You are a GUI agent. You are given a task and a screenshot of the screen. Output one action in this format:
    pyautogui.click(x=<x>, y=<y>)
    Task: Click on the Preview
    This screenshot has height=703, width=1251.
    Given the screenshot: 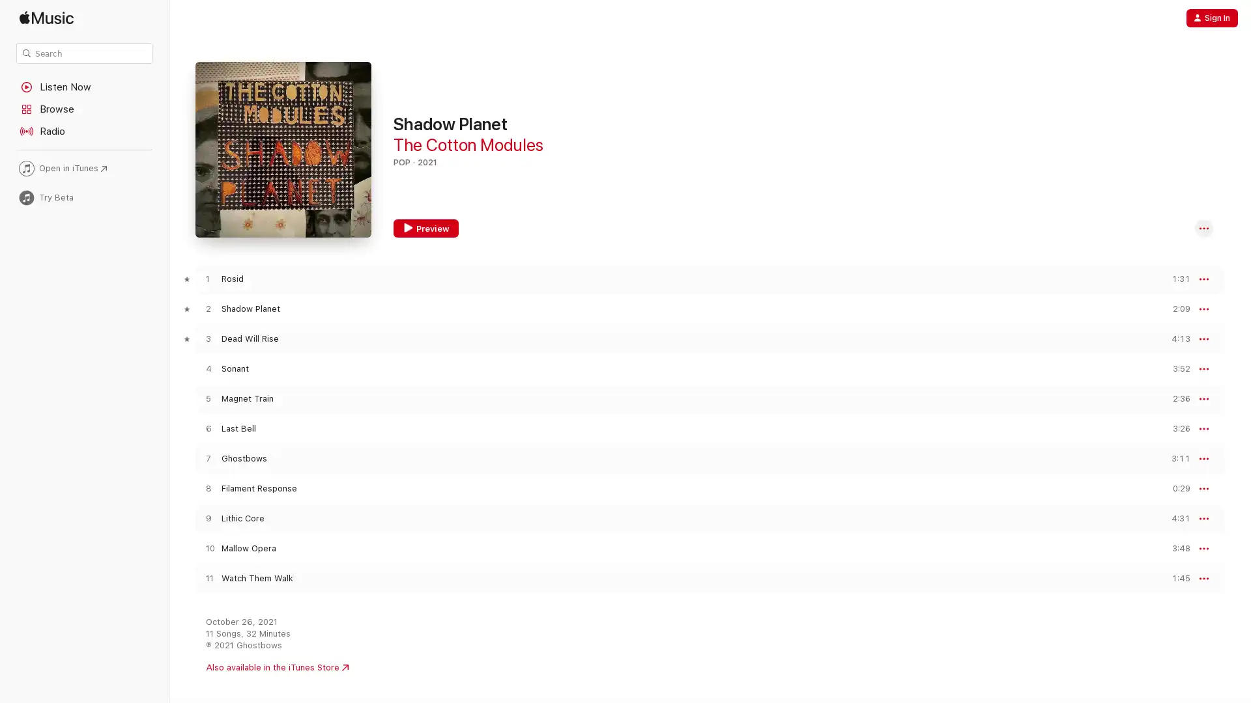 What is the action you would take?
    pyautogui.click(x=1175, y=338)
    